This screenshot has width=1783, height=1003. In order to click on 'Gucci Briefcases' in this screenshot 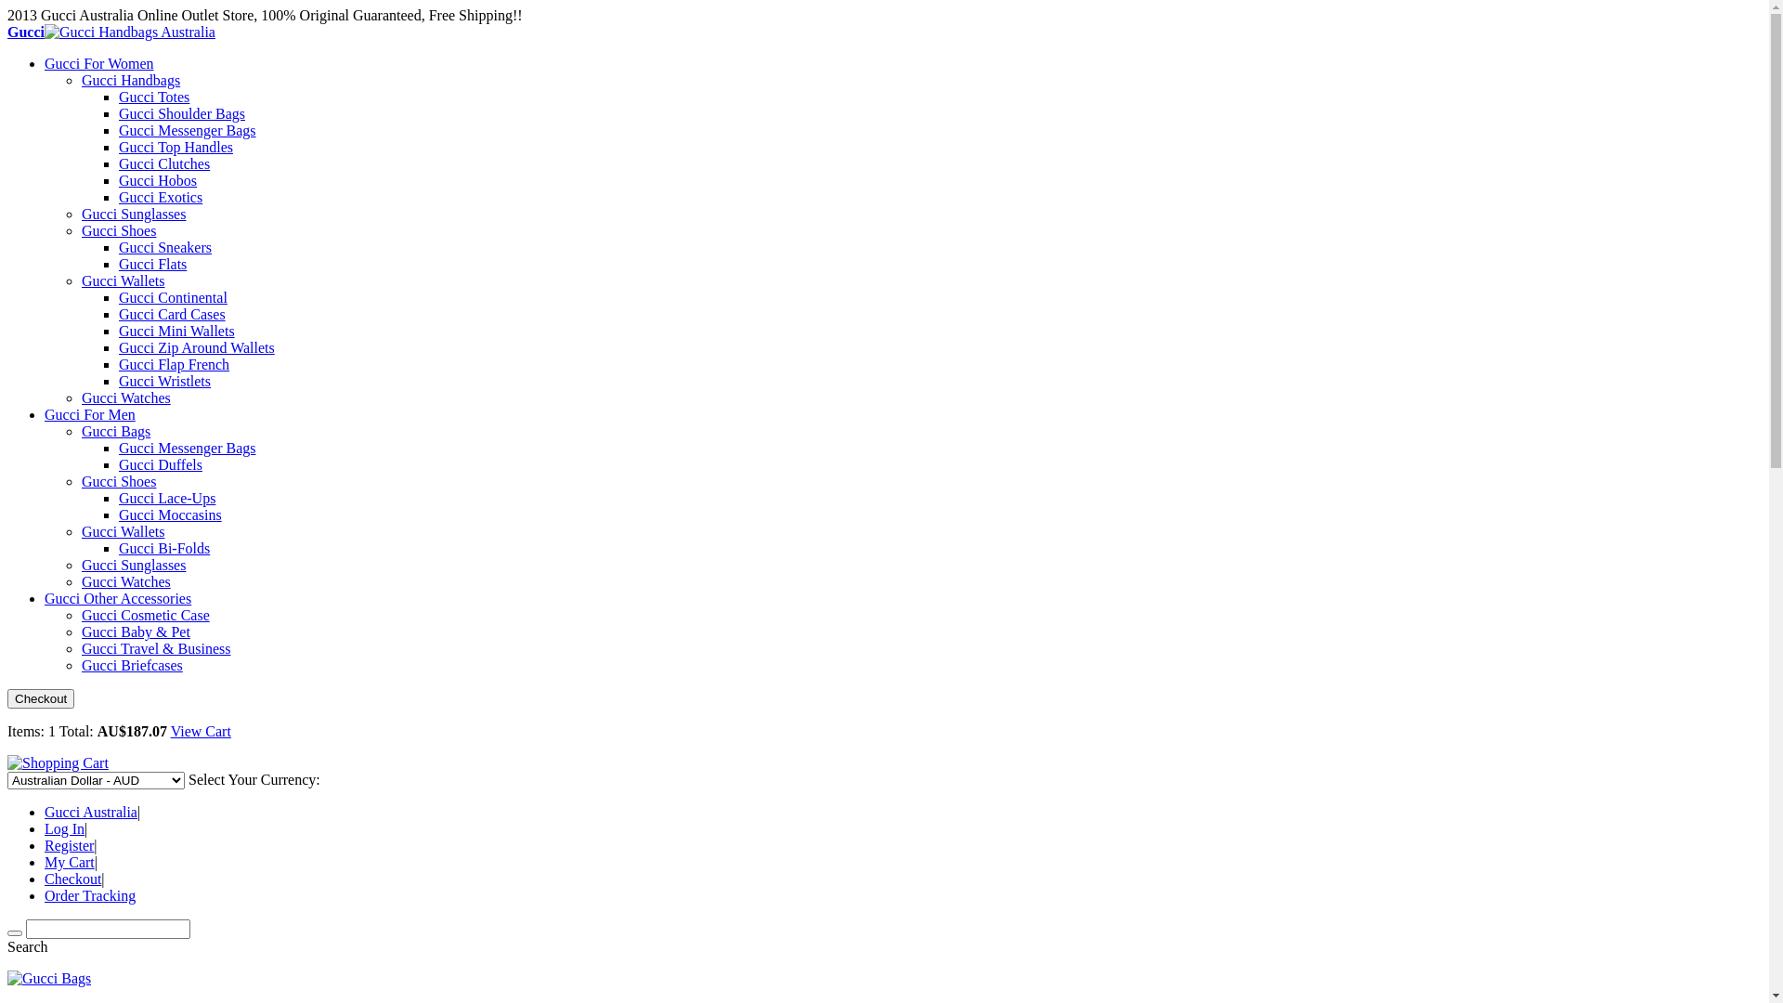, I will do `click(131, 664)`.